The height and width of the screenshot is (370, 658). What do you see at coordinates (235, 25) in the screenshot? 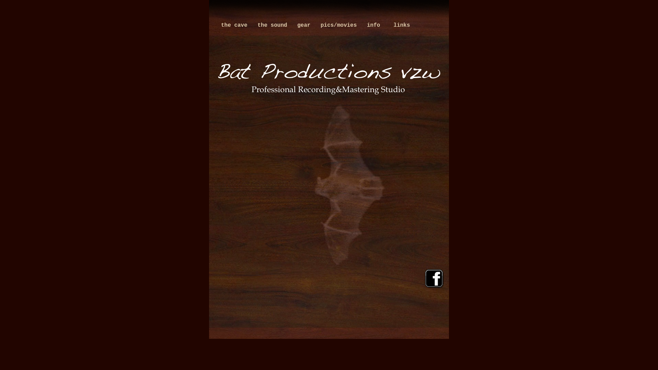
I see `'the cave'` at bounding box center [235, 25].